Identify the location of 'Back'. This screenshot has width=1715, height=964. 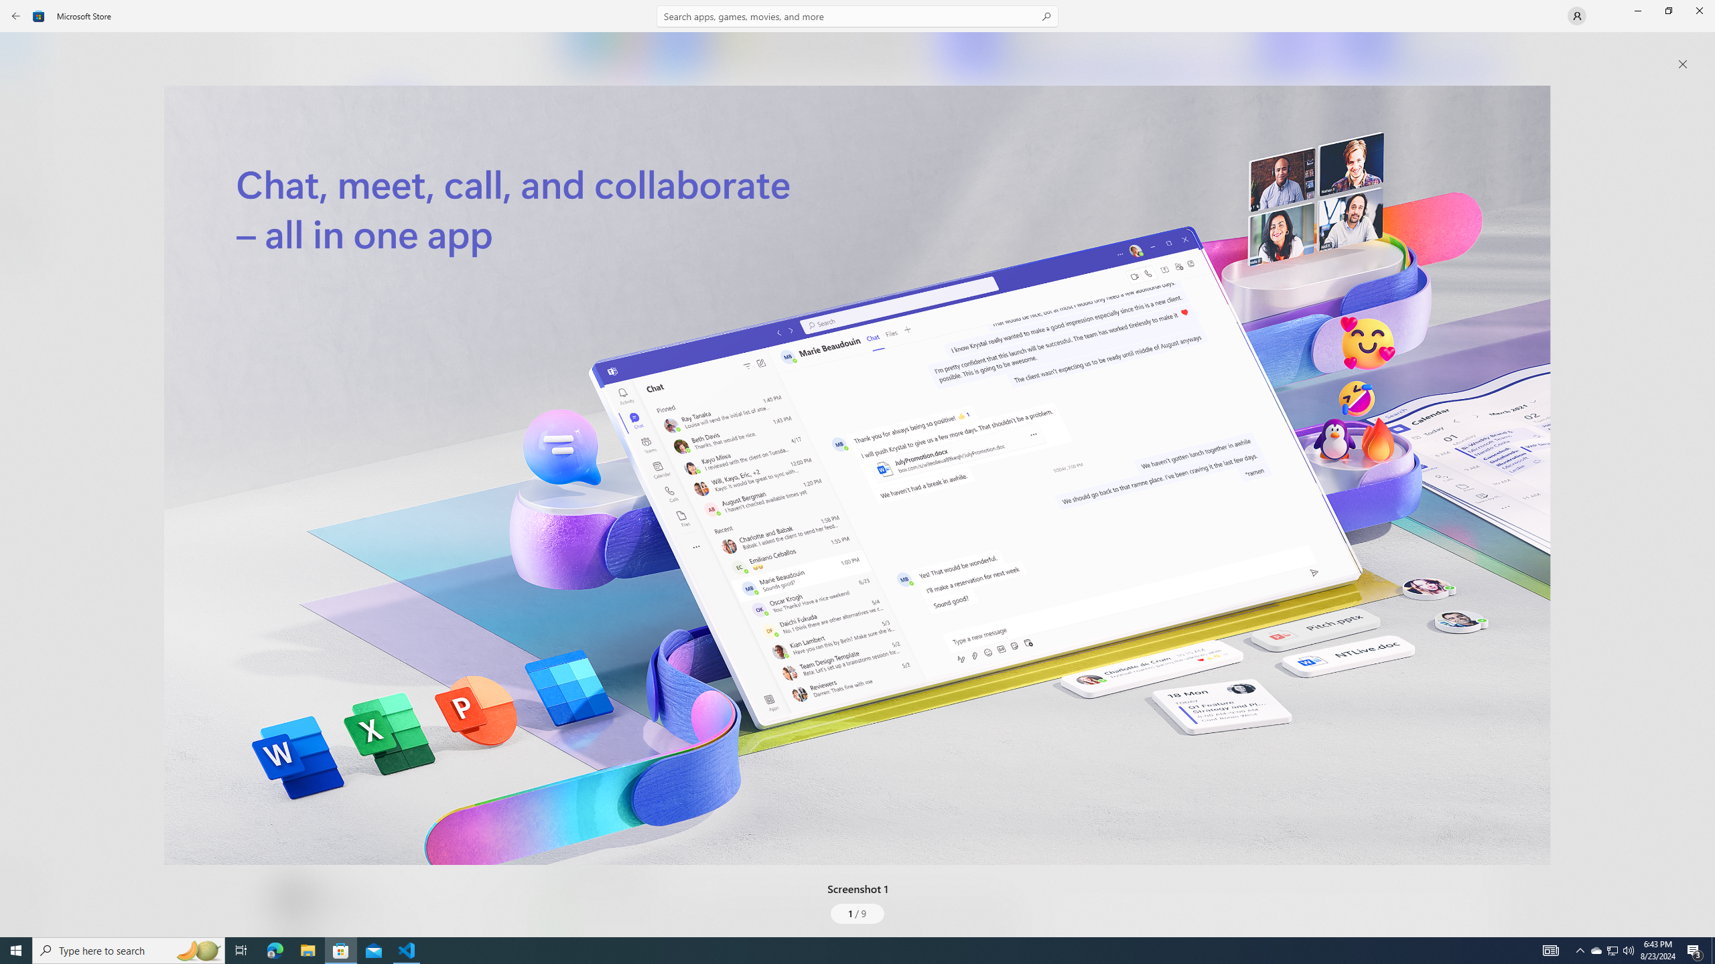
(16, 15).